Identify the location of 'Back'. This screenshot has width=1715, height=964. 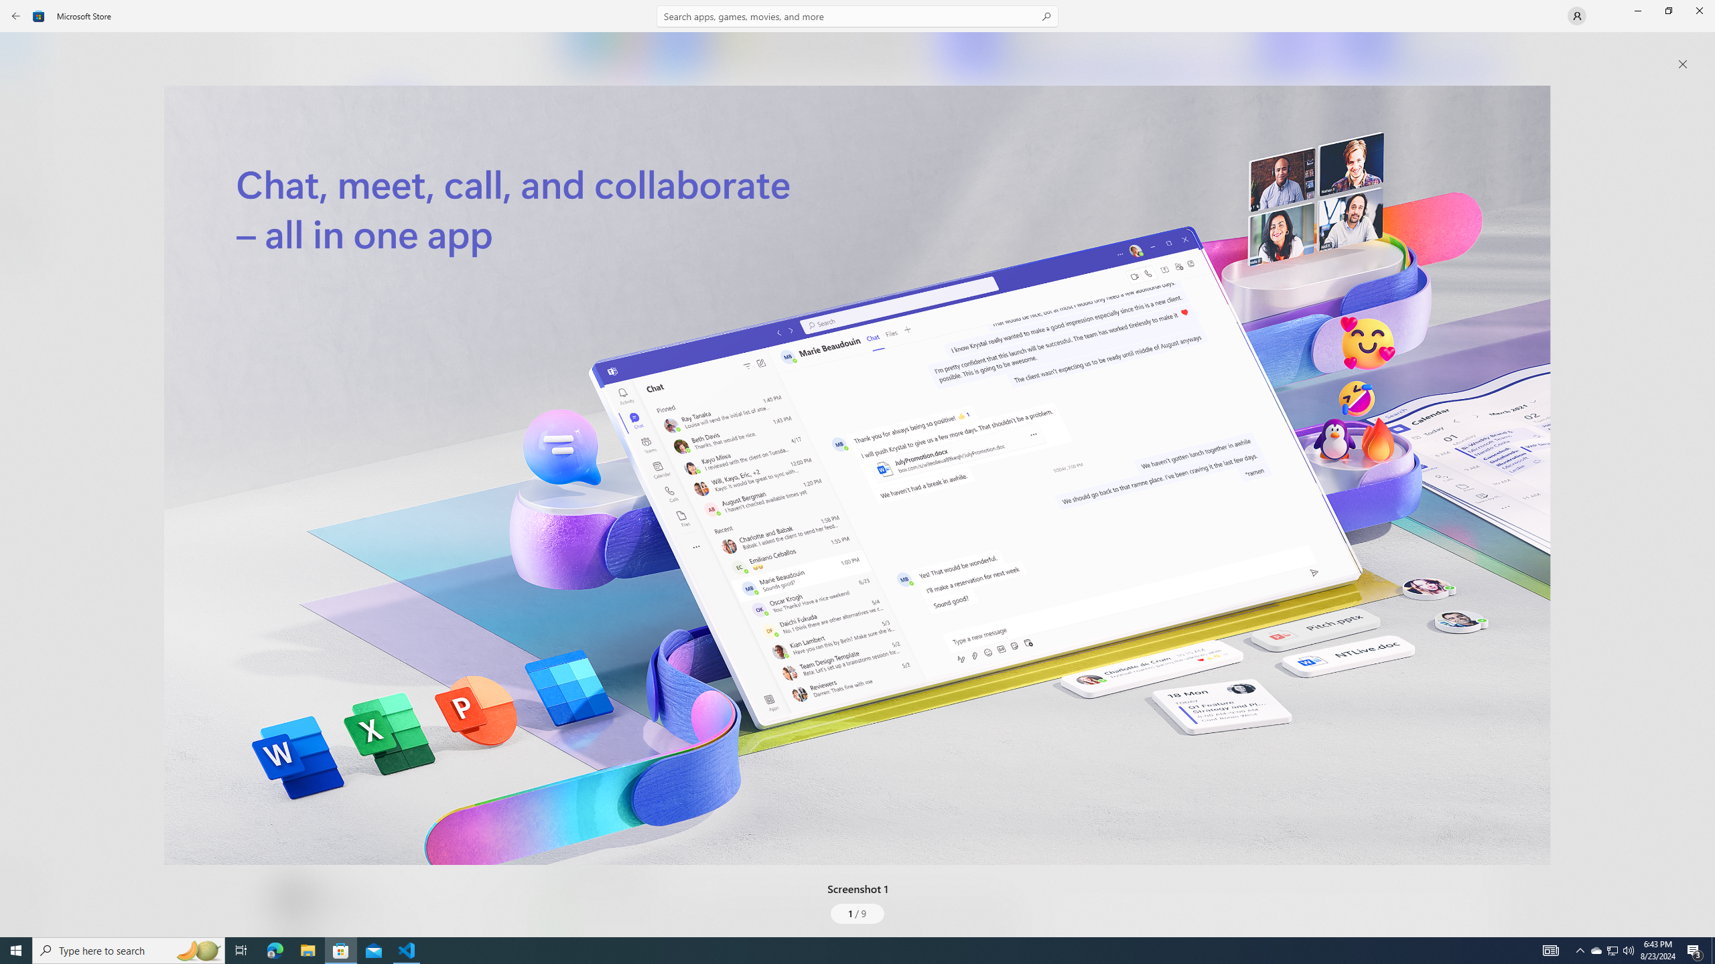
(16, 15).